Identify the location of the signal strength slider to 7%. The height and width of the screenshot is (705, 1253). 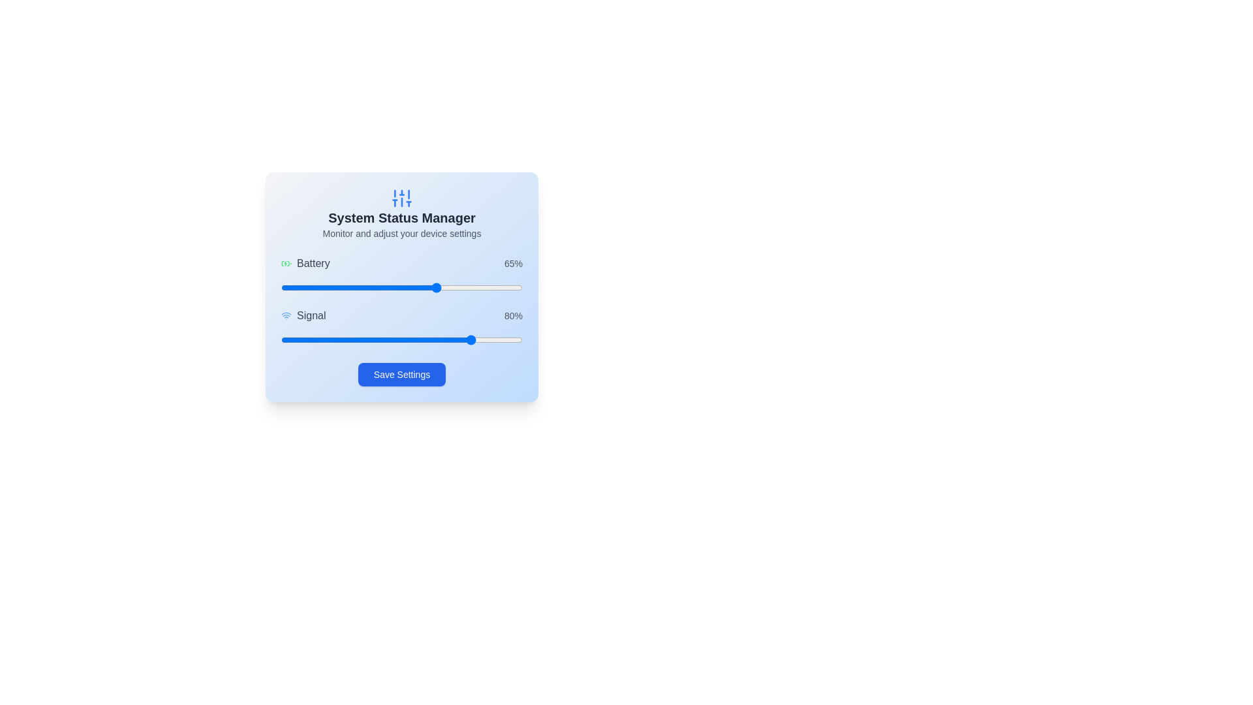
(297, 339).